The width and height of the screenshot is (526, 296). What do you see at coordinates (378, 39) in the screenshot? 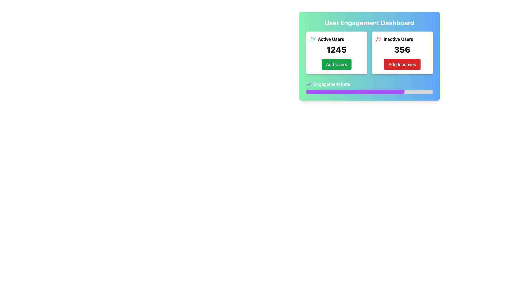
I see `the icon representing inactive users located in the 'Inactive Users' section, positioned to the left of the number '356' and the red button labeled 'Add Inactives'` at bounding box center [378, 39].